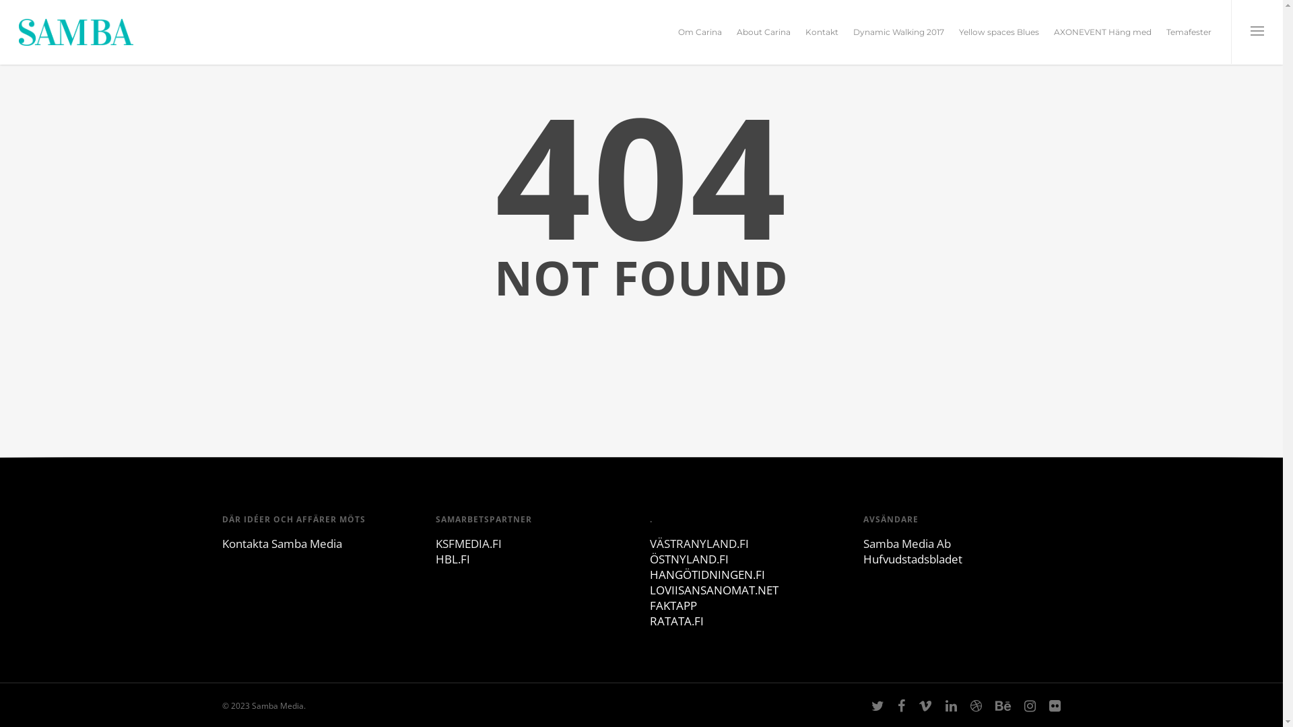  Describe the element at coordinates (673, 604) in the screenshot. I see `'FAKTAPP'` at that location.